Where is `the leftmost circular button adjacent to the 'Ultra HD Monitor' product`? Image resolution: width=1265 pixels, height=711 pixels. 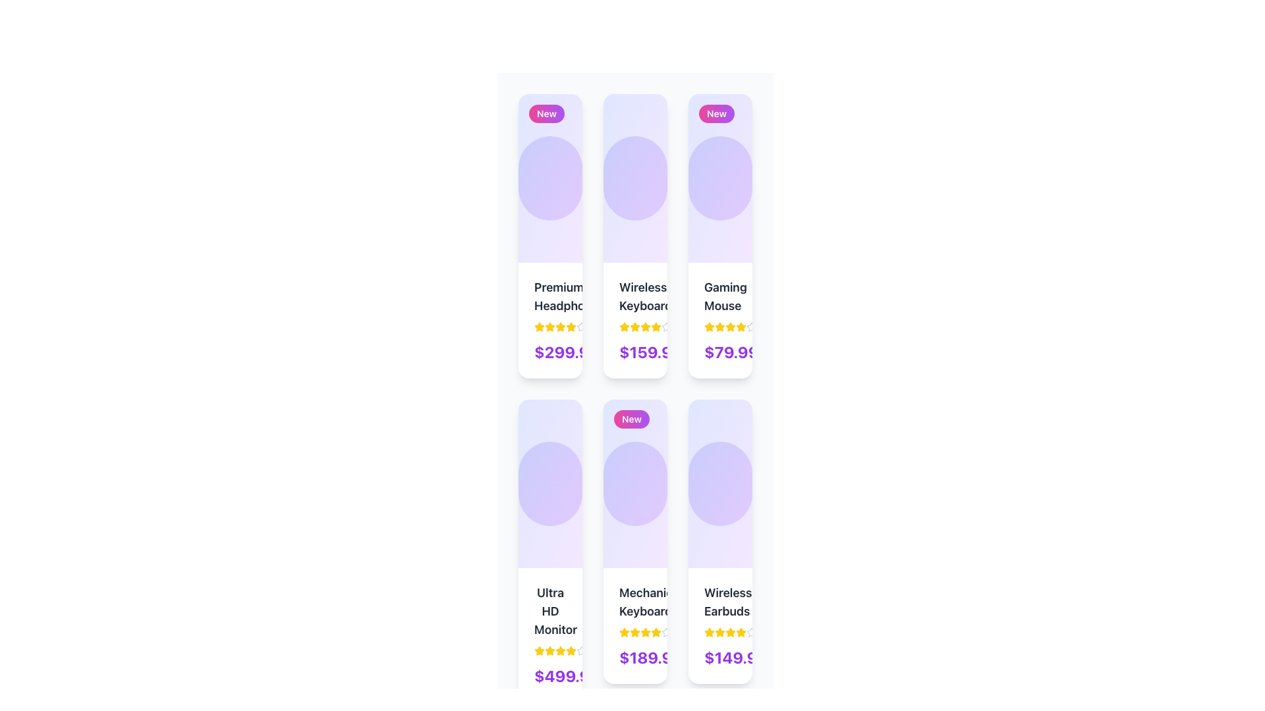 the leftmost circular button adjacent to the 'Ultra HD Monitor' product is located at coordinates (510, 484).